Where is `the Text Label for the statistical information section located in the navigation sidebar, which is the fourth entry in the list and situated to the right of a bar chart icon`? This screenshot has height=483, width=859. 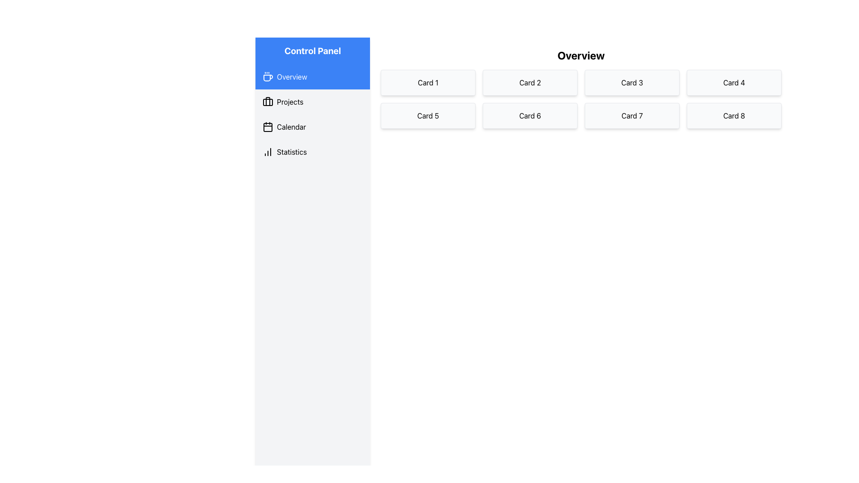 the Text Label for the statistical information section located in the navigation sidebar, which is the fourth entry in the list and situated to the right of a bar chart icon is located at coordinates (292, 151).